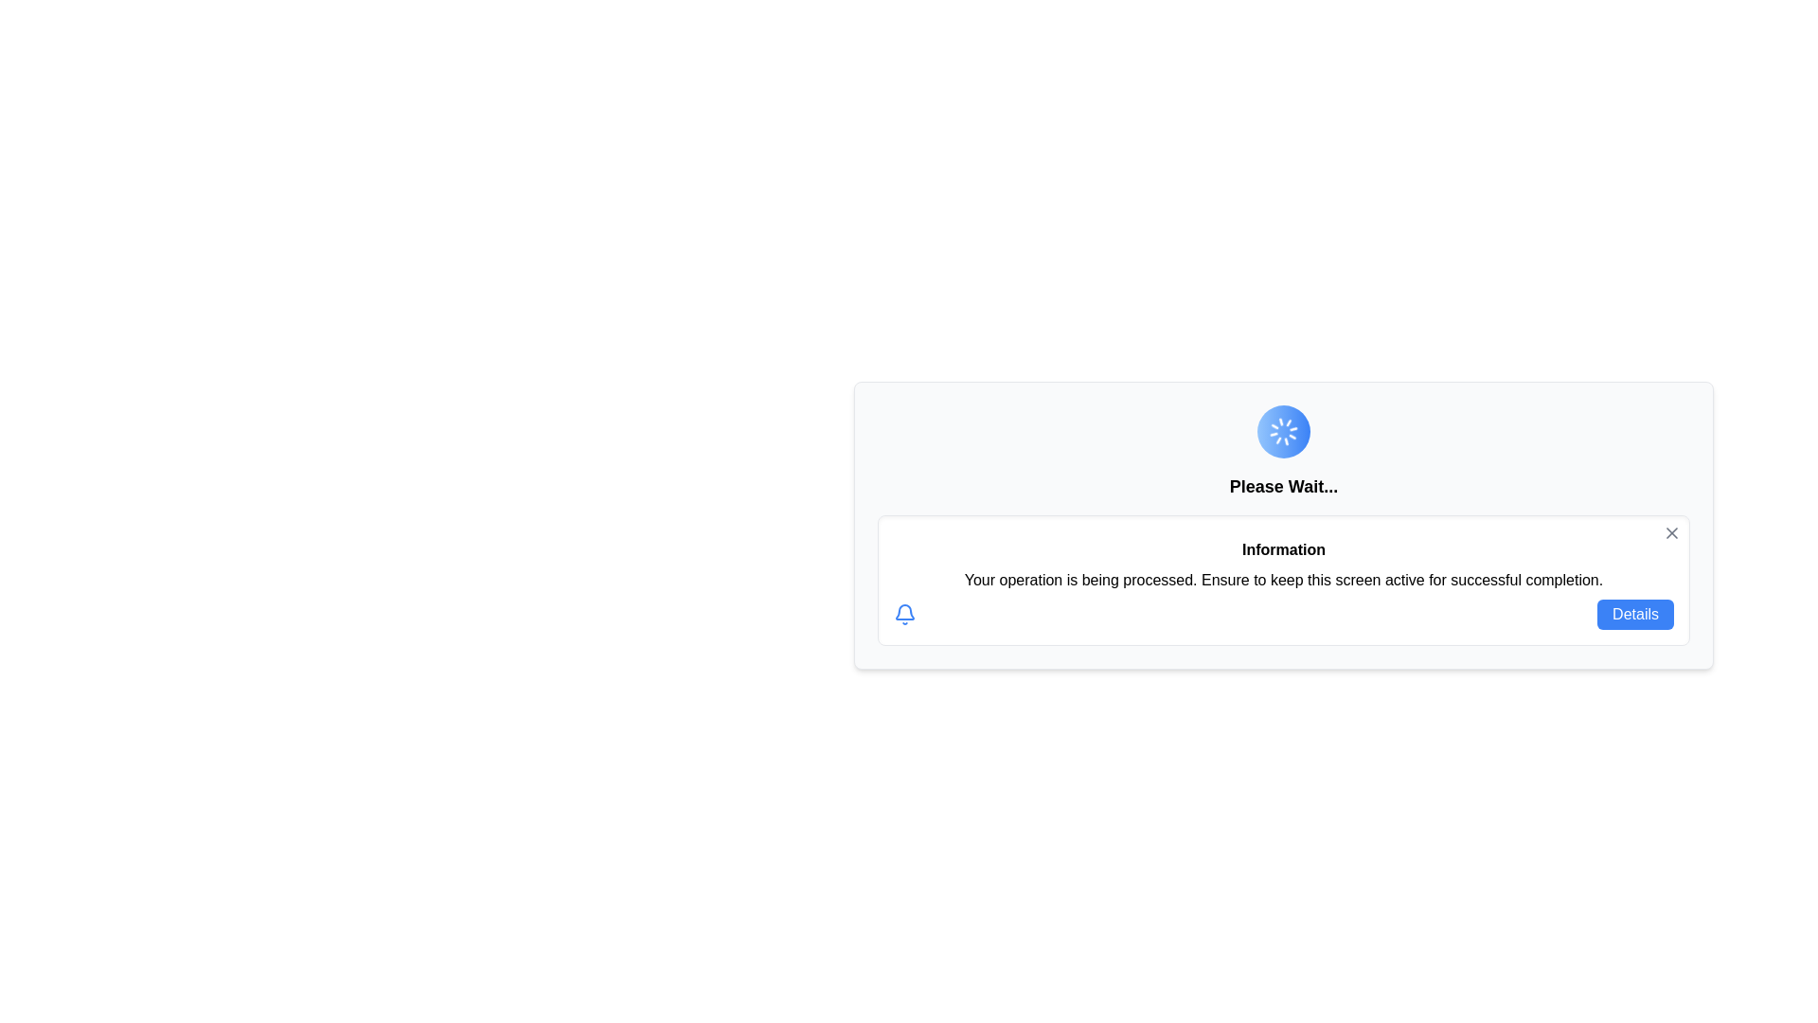 This screenshot has height=1023, width=1818. I want to click on the Close icon located in the top-right corner of the bordered section, so click(1672, 533).